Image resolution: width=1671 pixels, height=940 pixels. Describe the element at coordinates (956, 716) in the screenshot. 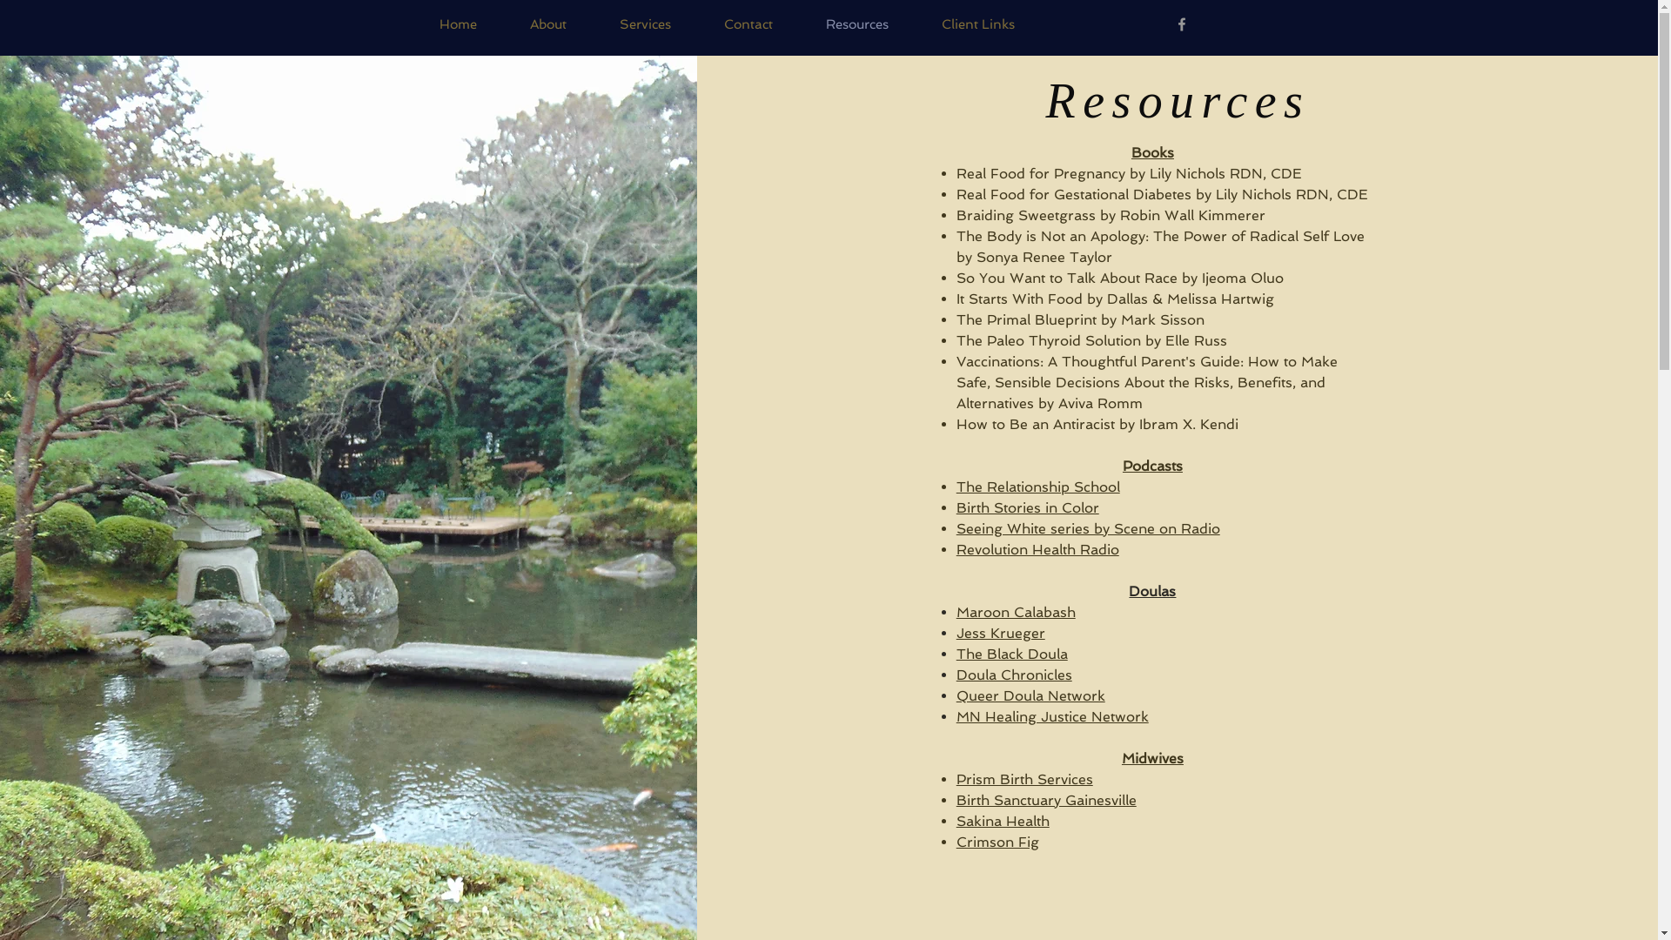

I see `'MN Healing Justice Network'` at that location.